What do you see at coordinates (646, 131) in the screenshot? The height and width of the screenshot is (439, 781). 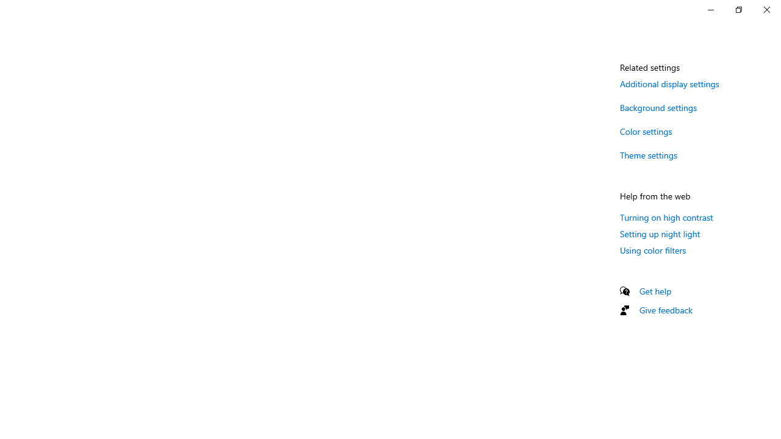 I see `'Color settings'` at bounding box center [646, 131].